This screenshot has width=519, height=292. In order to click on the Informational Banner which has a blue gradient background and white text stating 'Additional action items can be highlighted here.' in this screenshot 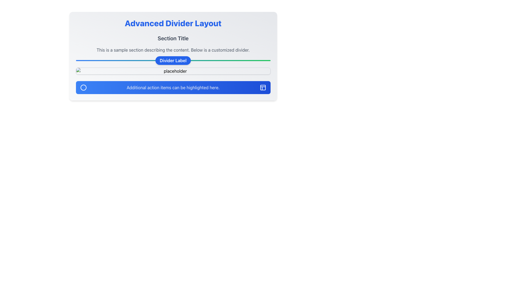, I will do `click(173, 87)`.